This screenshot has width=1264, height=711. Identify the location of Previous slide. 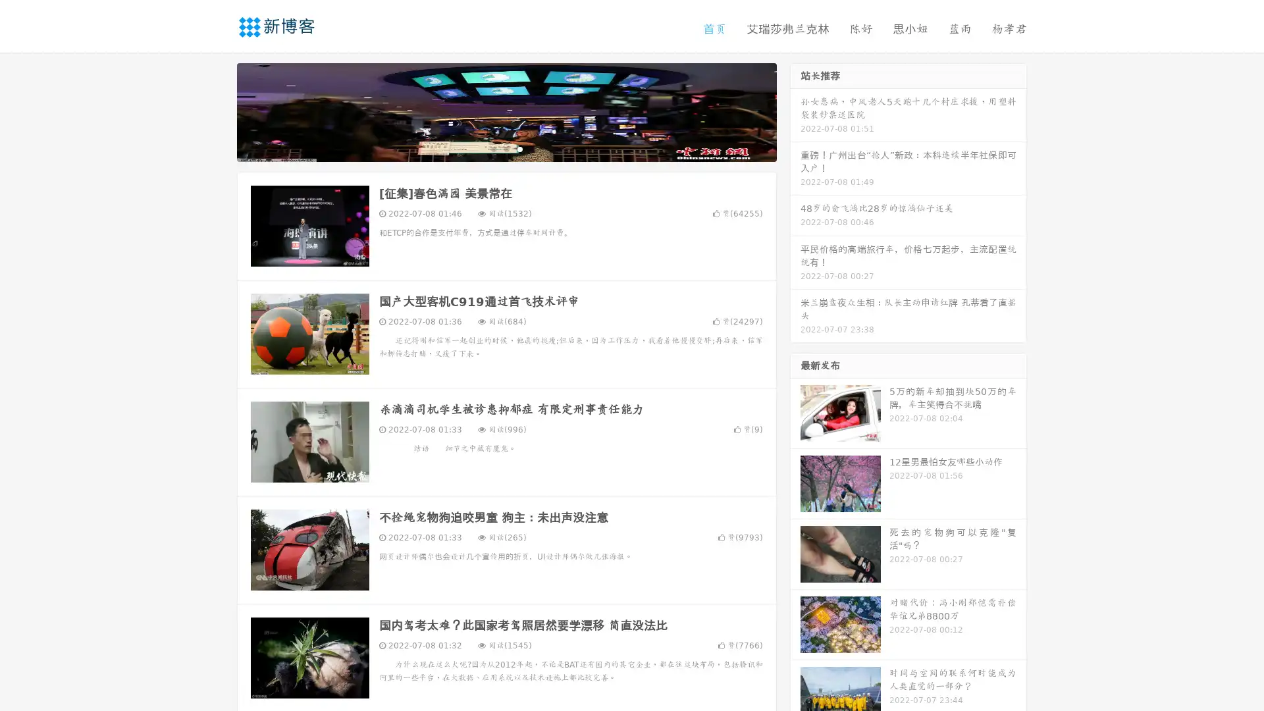
(217, 111).